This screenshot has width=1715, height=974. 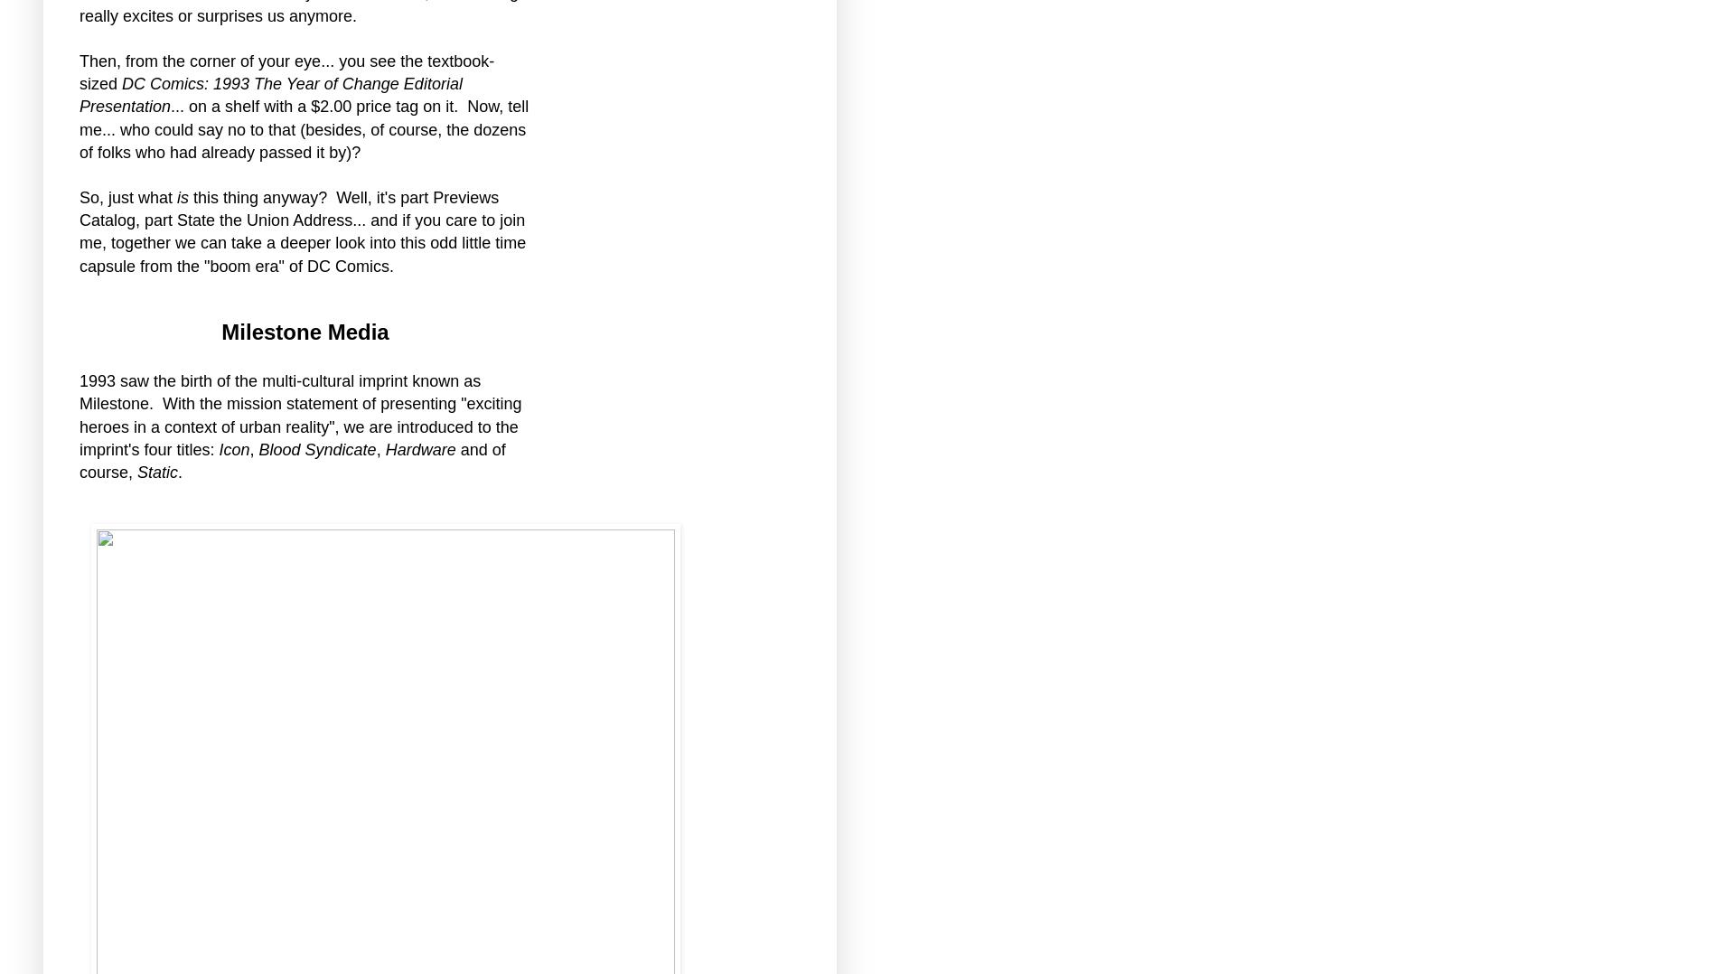 I want to click on '.', so click(x=179, y=473).